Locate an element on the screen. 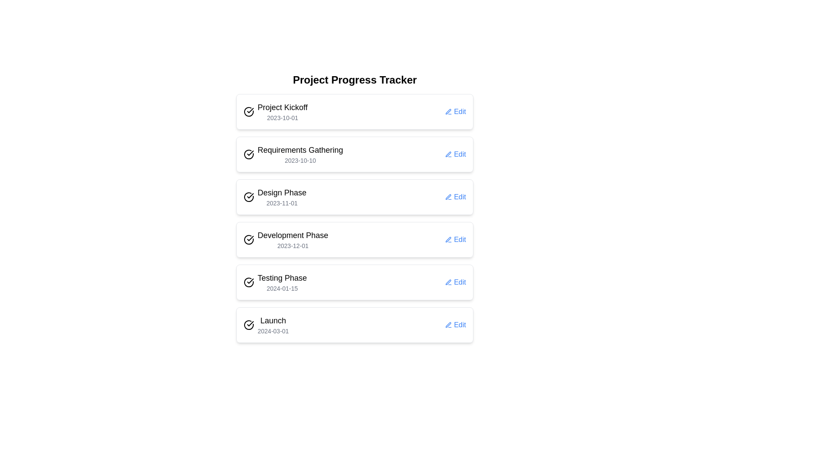  the status icon indicating progress in the 'Development Phase' list item, located at the fourth position in the progress tracker is located at coordinates (248, 240).